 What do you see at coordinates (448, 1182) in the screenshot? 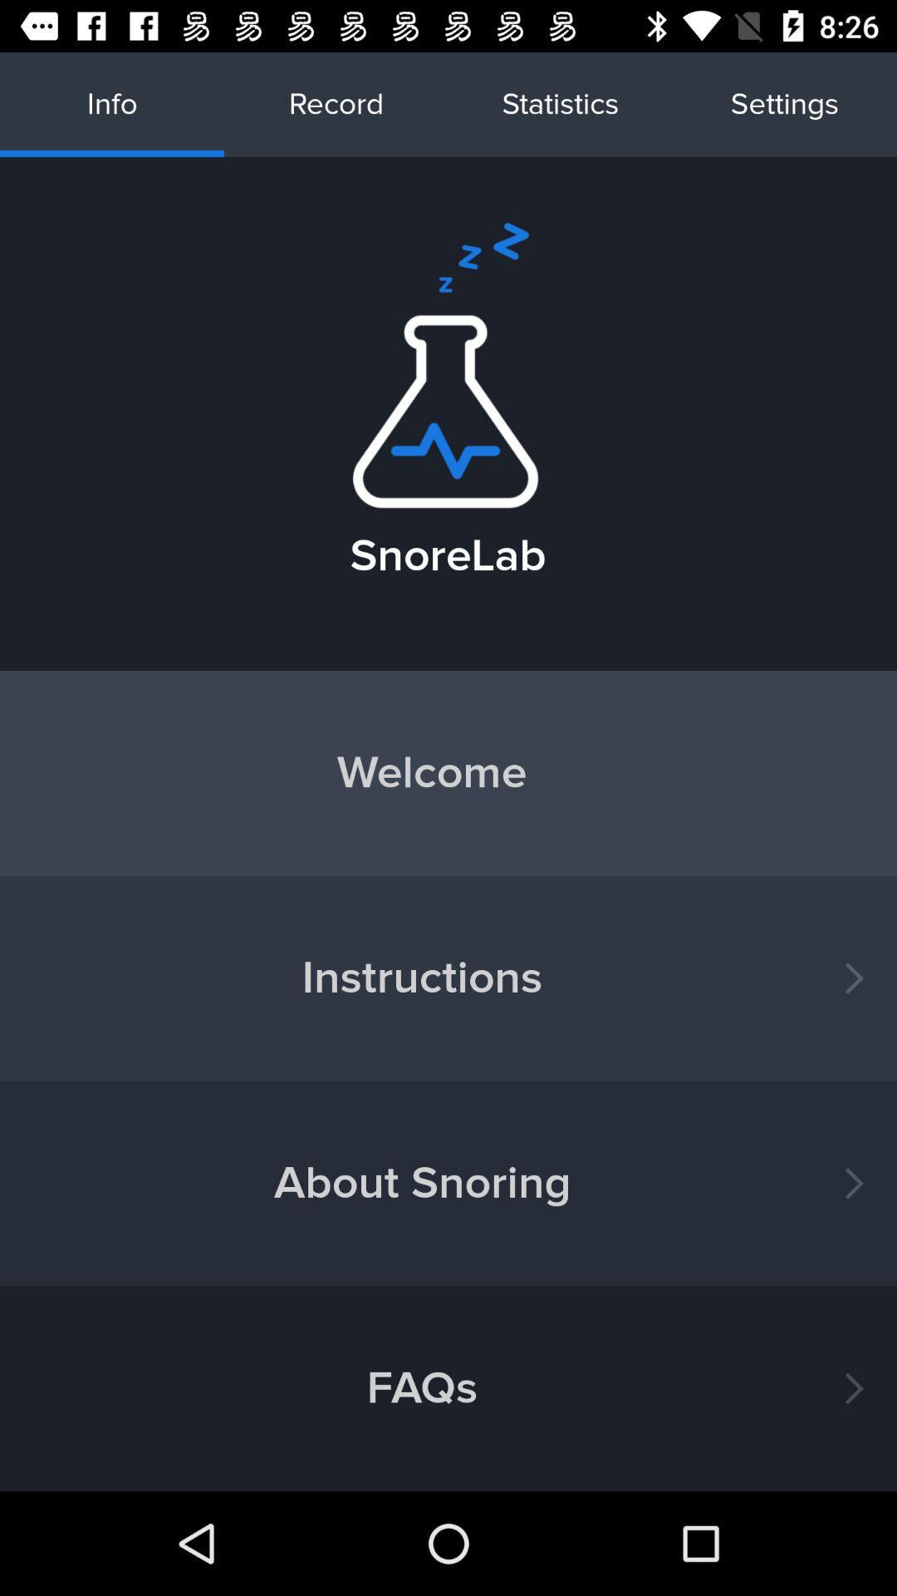
I see `the item below the instructions` at bounding box center [448, 1182].